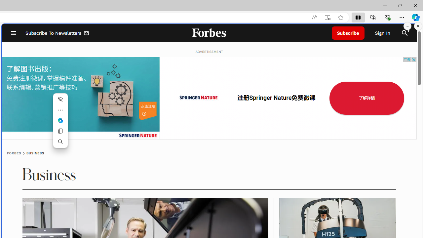  I want to click on 'Class: envelope_svg__fs-icon envelope_svg__fs-icon--envelope', so click(86, 34).